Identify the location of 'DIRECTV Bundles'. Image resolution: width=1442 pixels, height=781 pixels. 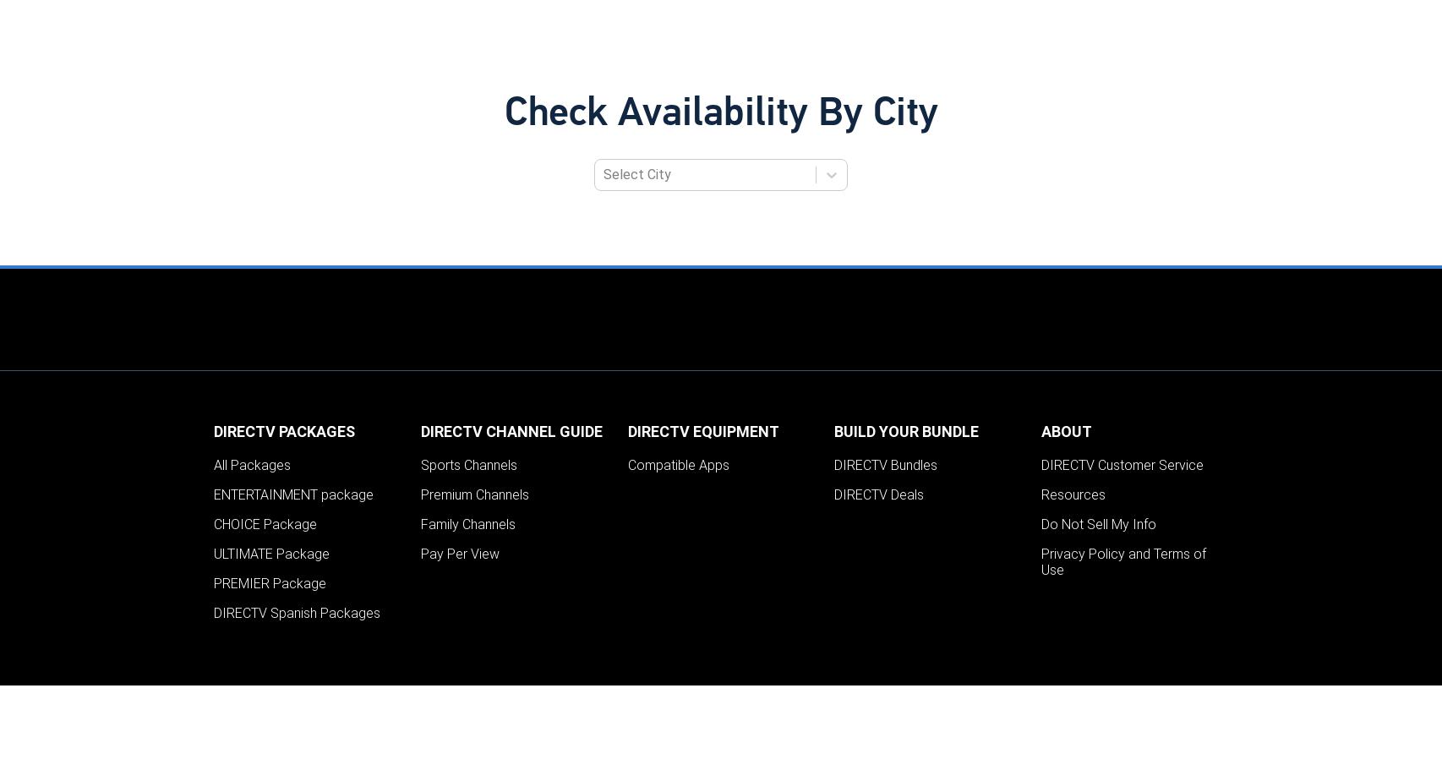
(885, 464).